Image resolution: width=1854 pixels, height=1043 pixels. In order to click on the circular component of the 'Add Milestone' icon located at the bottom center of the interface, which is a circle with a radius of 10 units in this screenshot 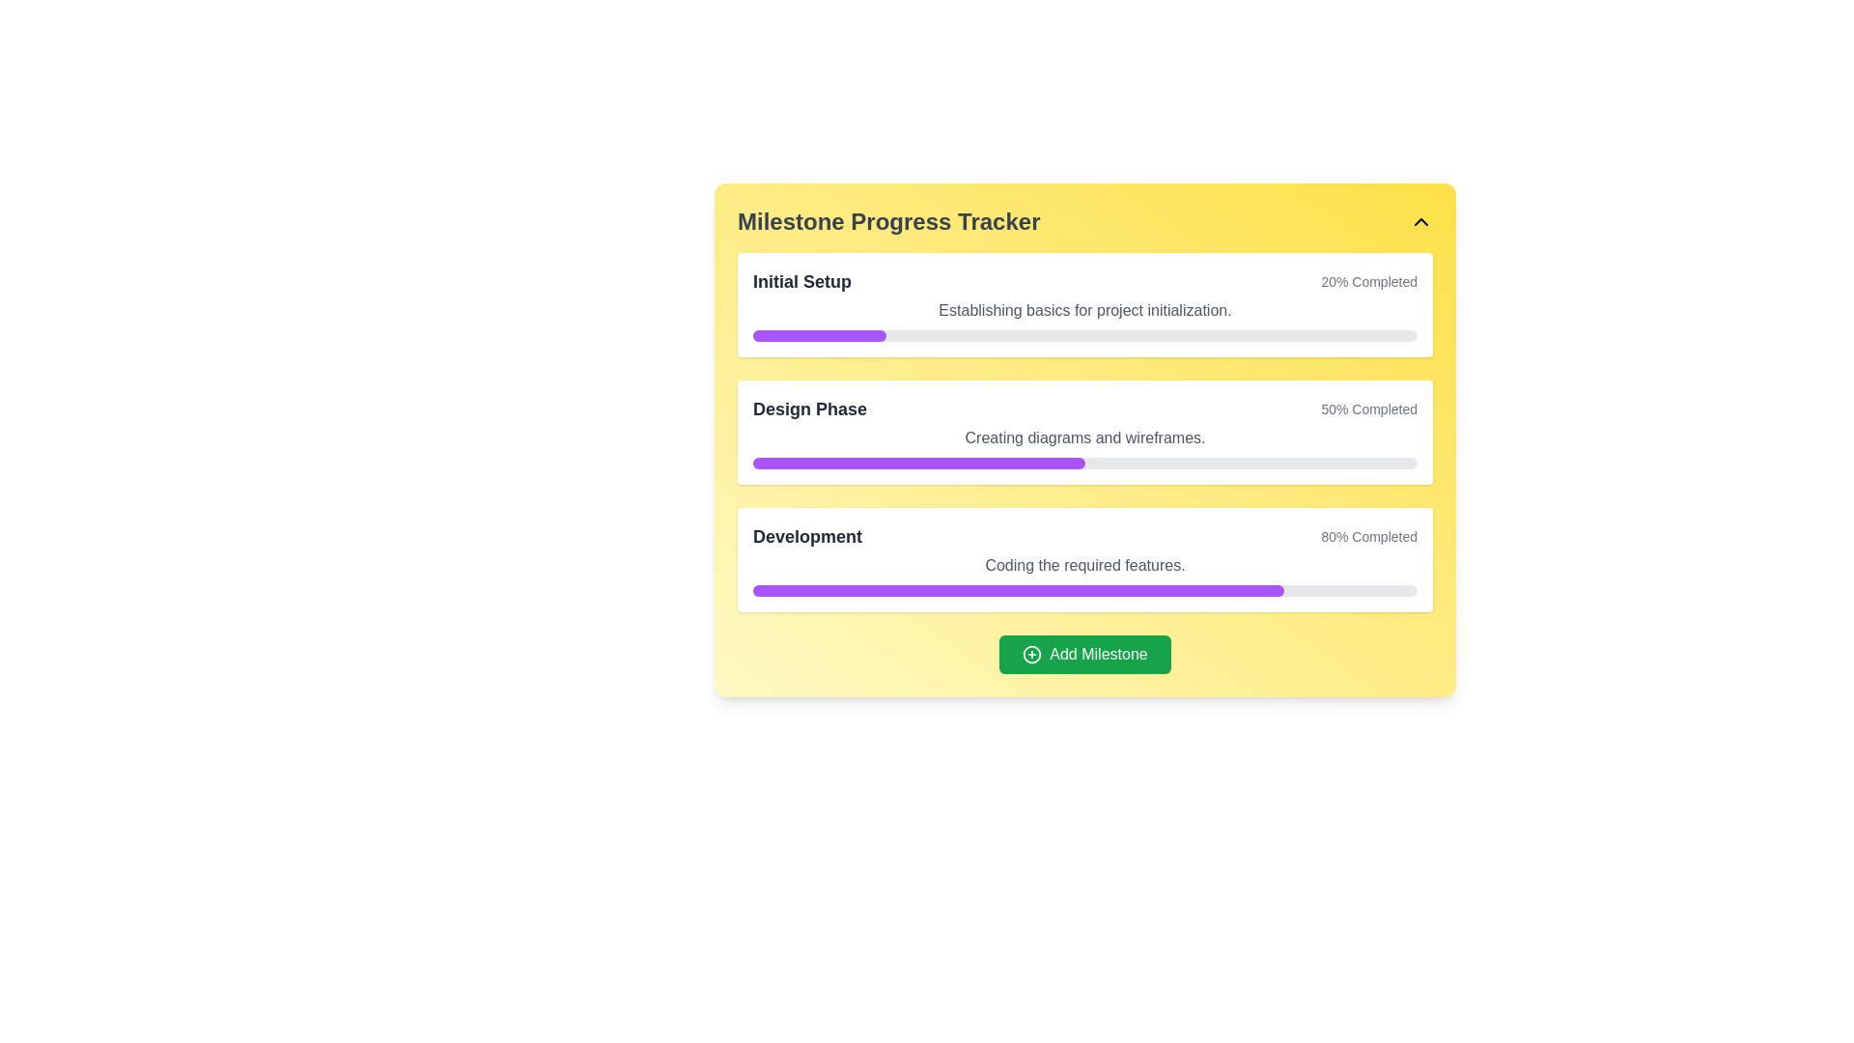, I will do `click(1031, 654)`.